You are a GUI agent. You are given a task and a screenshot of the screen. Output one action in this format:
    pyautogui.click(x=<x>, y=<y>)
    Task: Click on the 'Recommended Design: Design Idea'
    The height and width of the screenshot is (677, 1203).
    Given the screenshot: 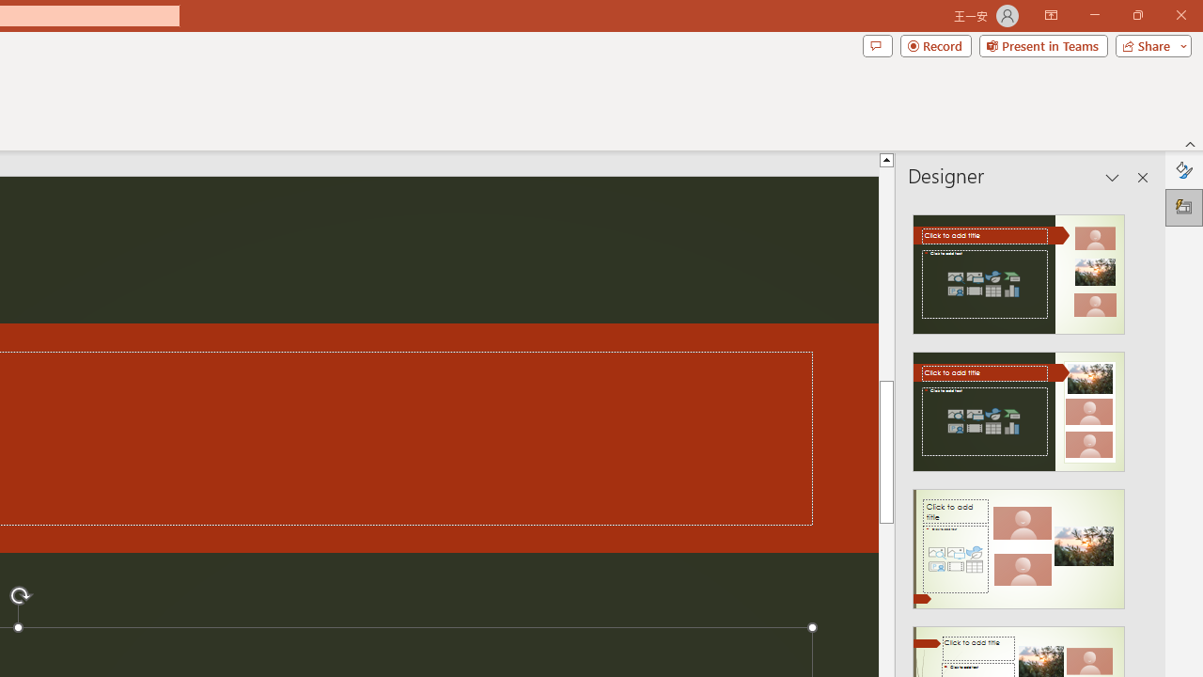 What is the action you would take?
    pyautogui.click(x=1018, y=269)
    